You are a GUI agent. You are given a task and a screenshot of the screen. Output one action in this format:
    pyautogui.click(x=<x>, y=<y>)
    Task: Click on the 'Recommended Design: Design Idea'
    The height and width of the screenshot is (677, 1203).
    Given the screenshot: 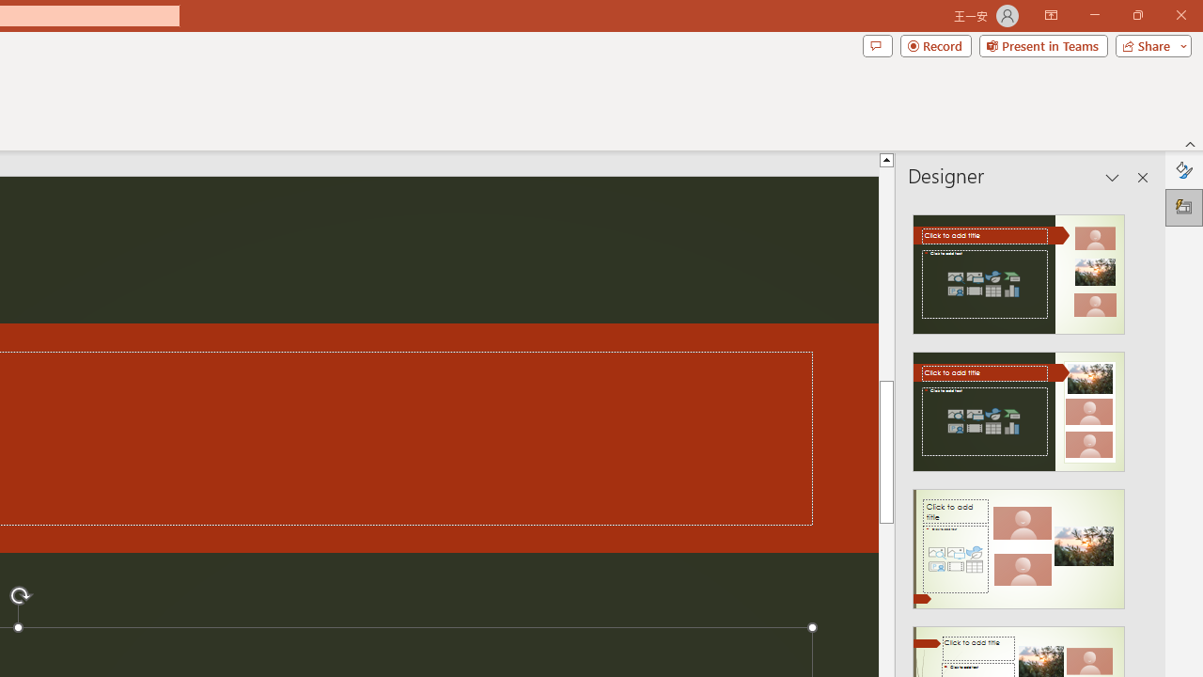 What is the action you would take?
    pyautogui.click(x=1018, y=269)
    